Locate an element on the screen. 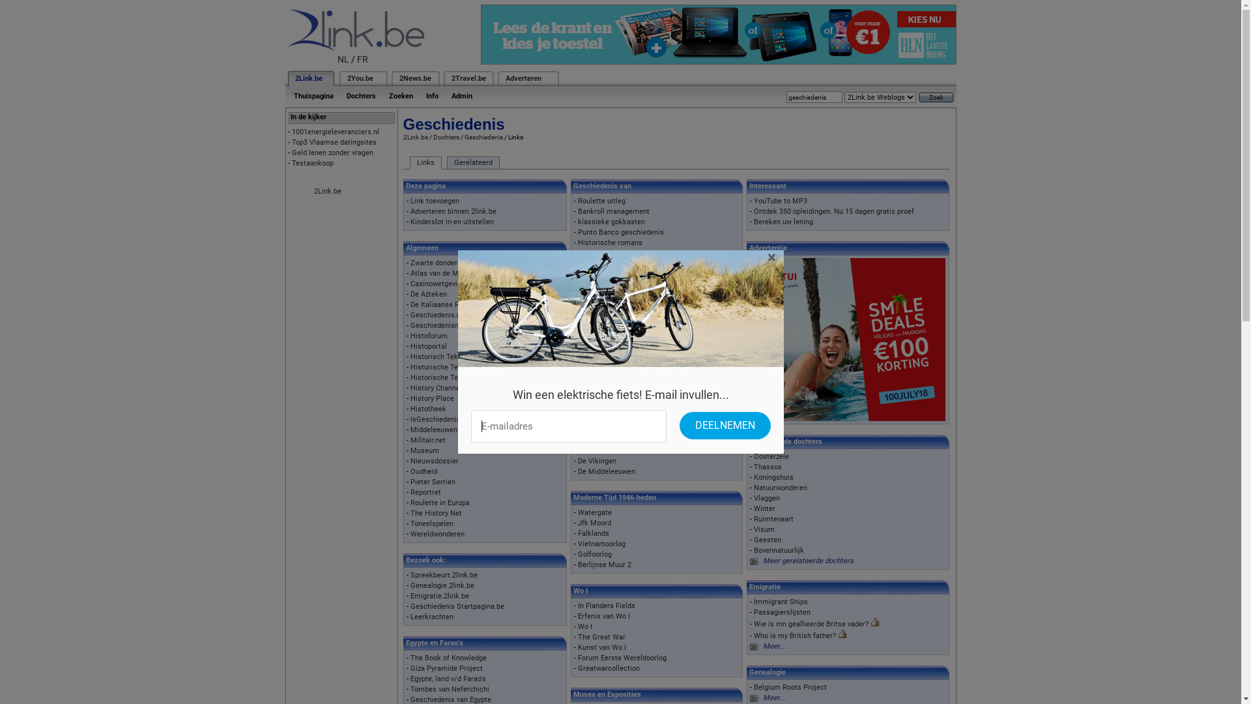 This screenshot has height=704, width=1251. 'Ontdek 350 opleidingen. Nu 15 dagen gratis proef' is located at coordinates (834, 211).